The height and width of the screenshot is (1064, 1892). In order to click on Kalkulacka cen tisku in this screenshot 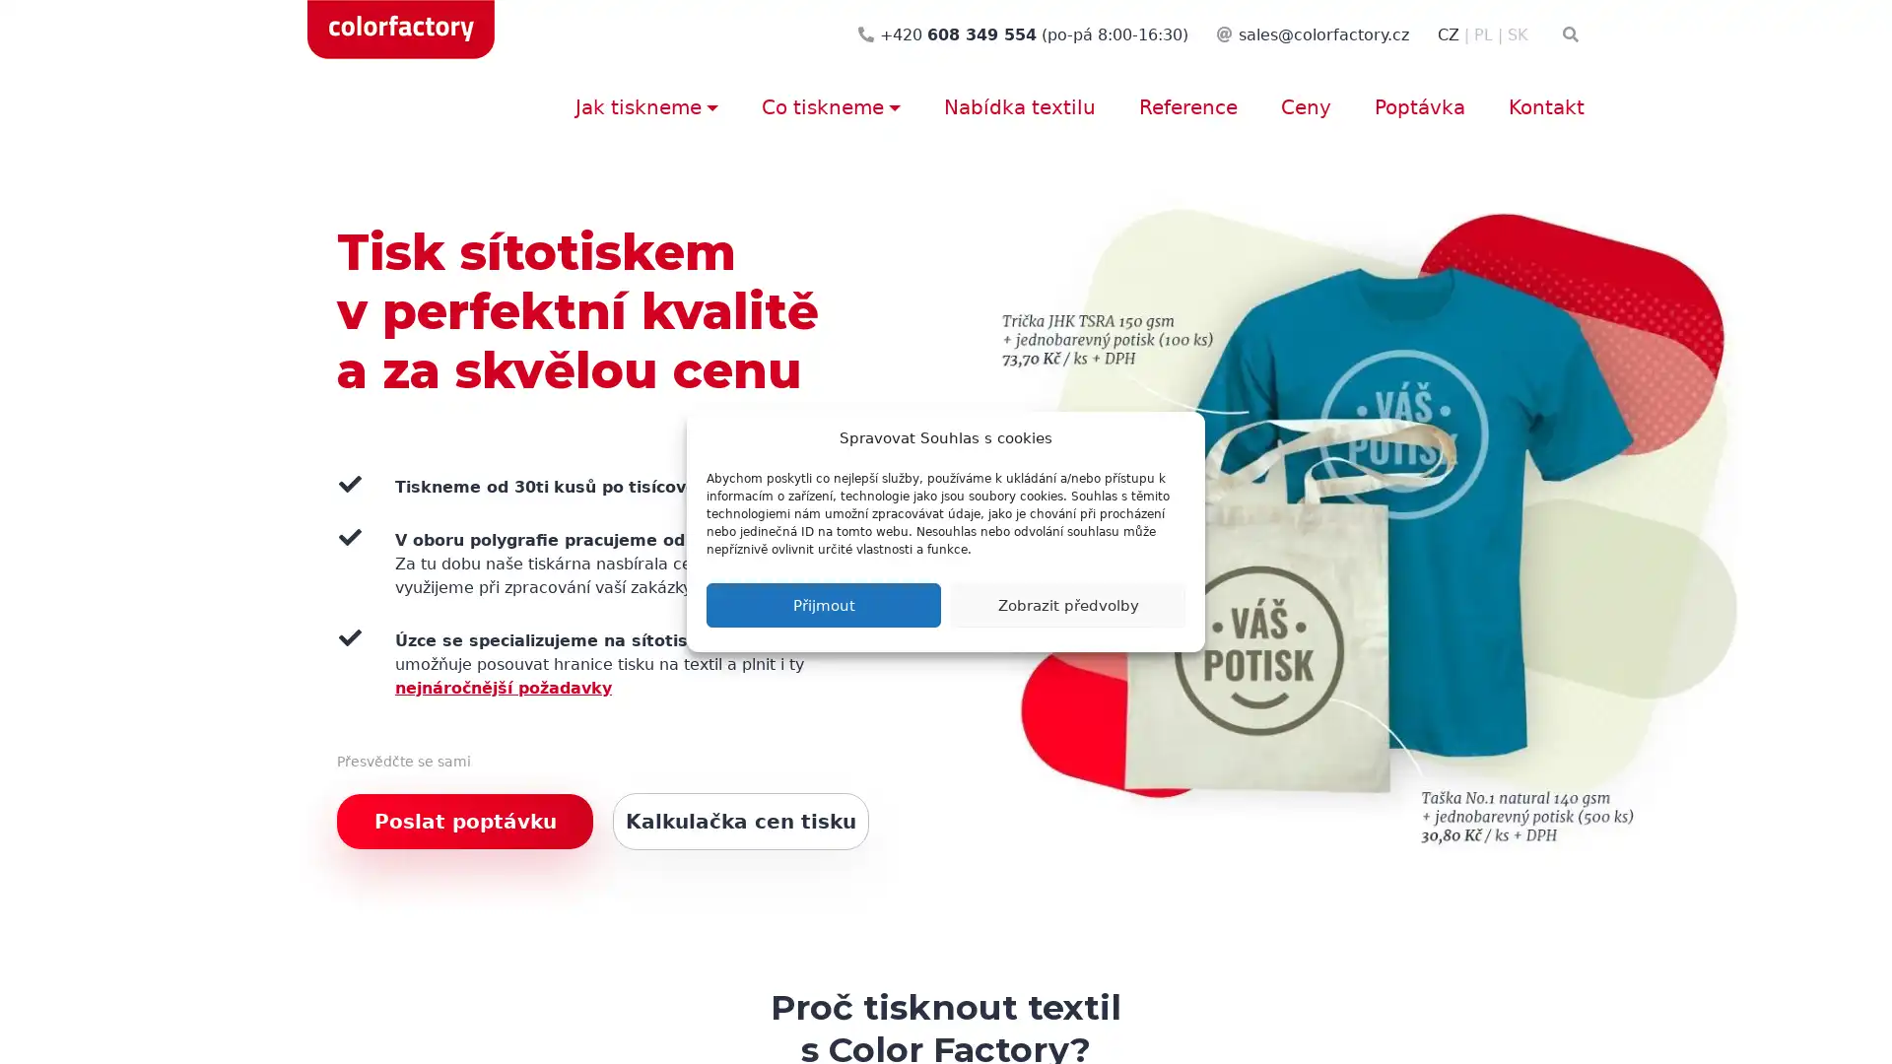, I will do `click(740, 821)`.